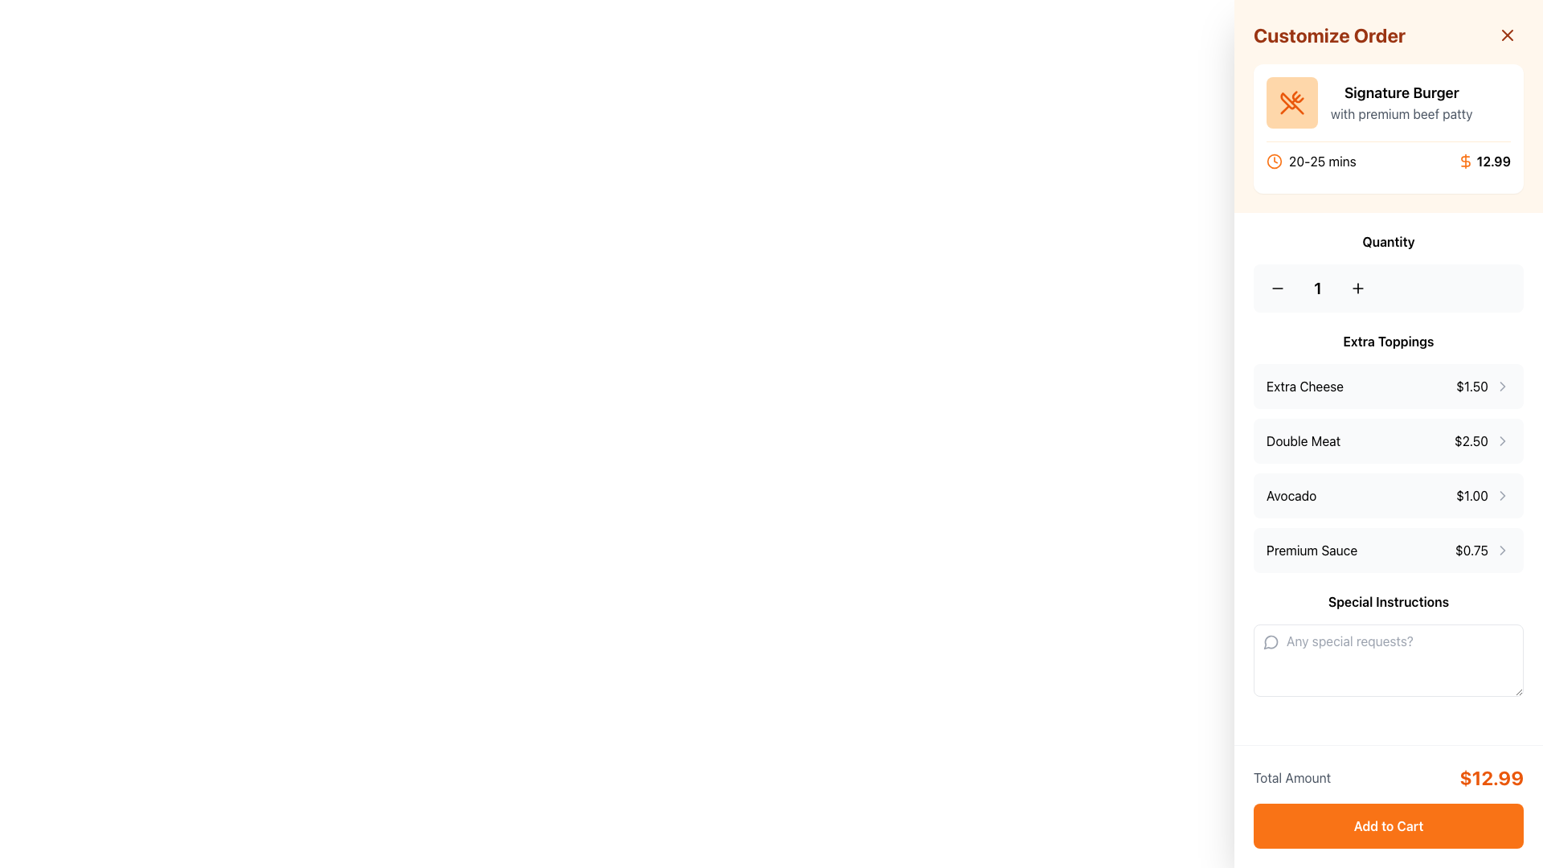 The height and width of the screenshot is (868, 1543). I want to click on the 'Avocado' topping option in the 'Extra Toppings' section, so click(1388, 468).